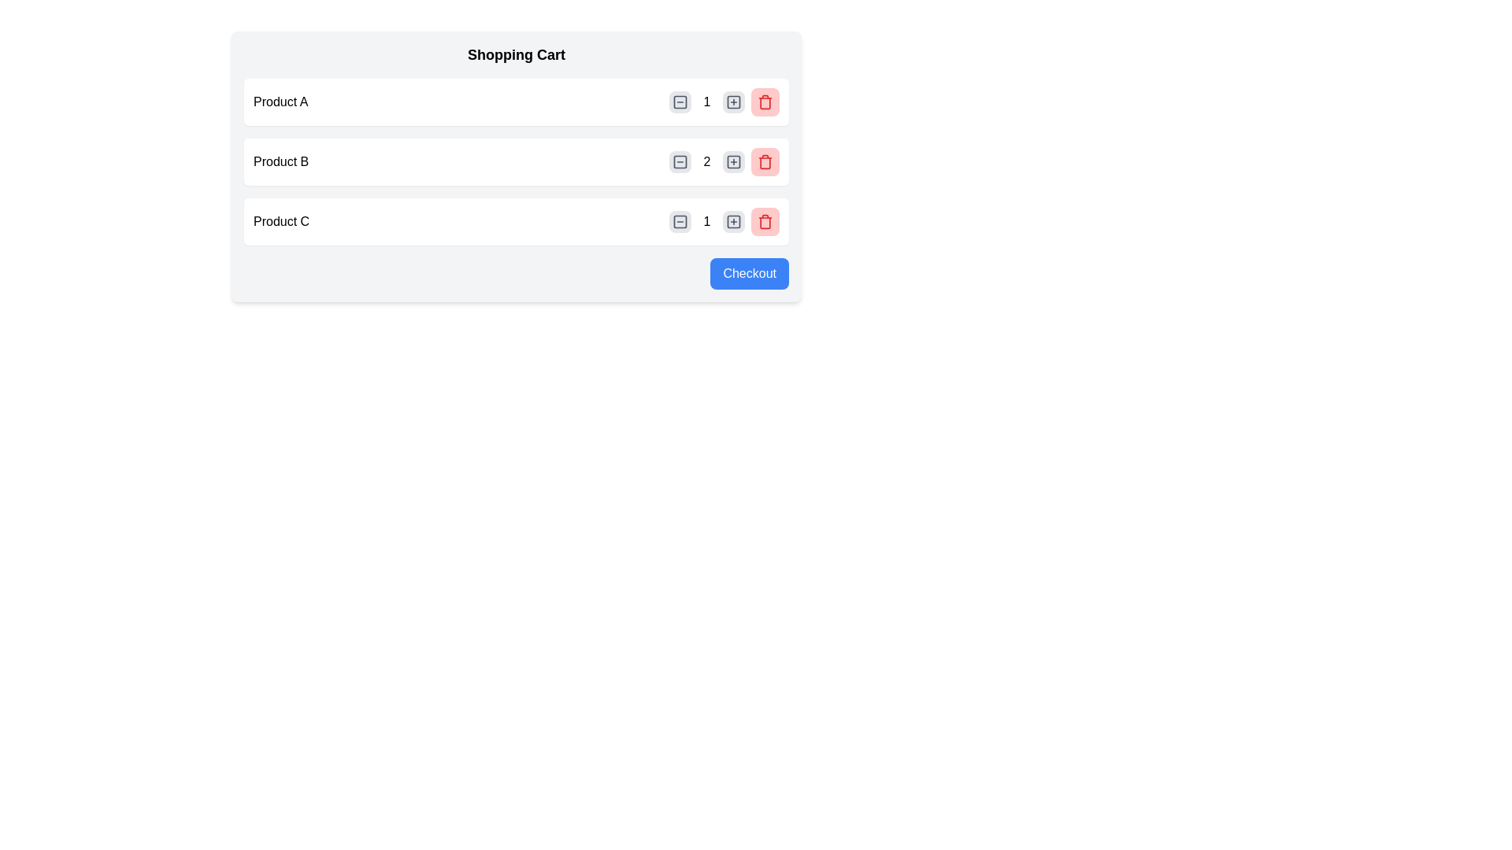 Image resolution: width=1512 pixels, height=850 pixels. What do you see at coordinates (680, 221) in the screenshot?
I see `the square button icon with a minus symbol at its center to reduce the product quantity for 'Product C'` at bounding box center [680, 221].